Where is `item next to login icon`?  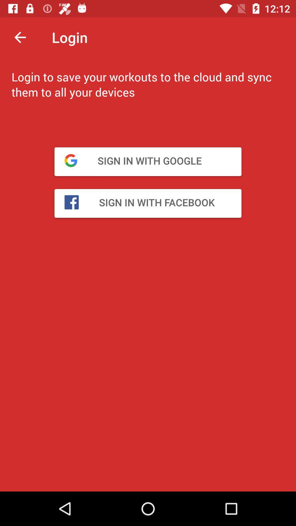 item next to login icon is located at coordinates (20, 37).